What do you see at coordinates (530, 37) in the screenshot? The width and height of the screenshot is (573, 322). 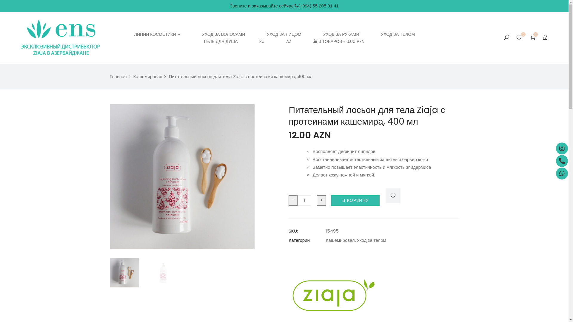 I see `'0'` at bounding box center [530, 37].